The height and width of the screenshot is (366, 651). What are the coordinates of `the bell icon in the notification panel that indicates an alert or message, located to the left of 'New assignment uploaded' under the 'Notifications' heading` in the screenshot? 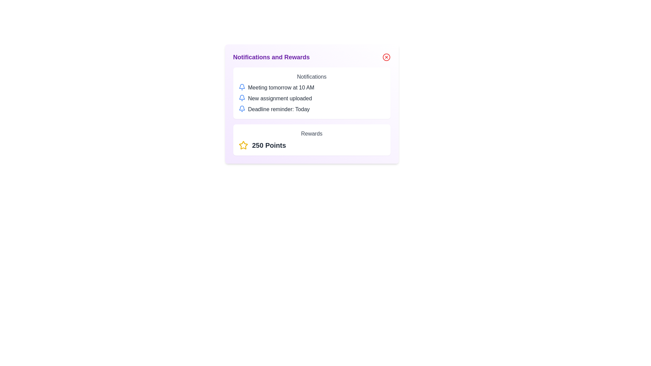 It's located at (242, 98).